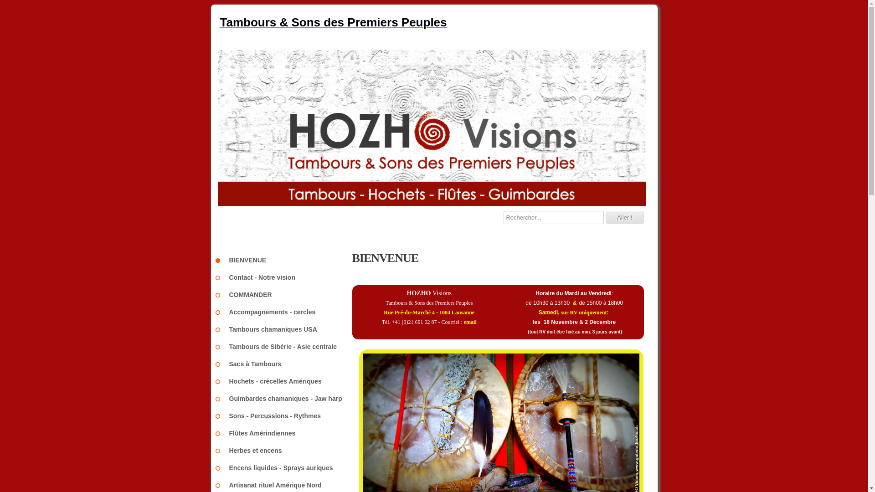 The image size is (875, 492). What do you see at coordinates (283, 450) in the screenshot?
I see `'Herbes et encens'` at bounding box center [283, 450].